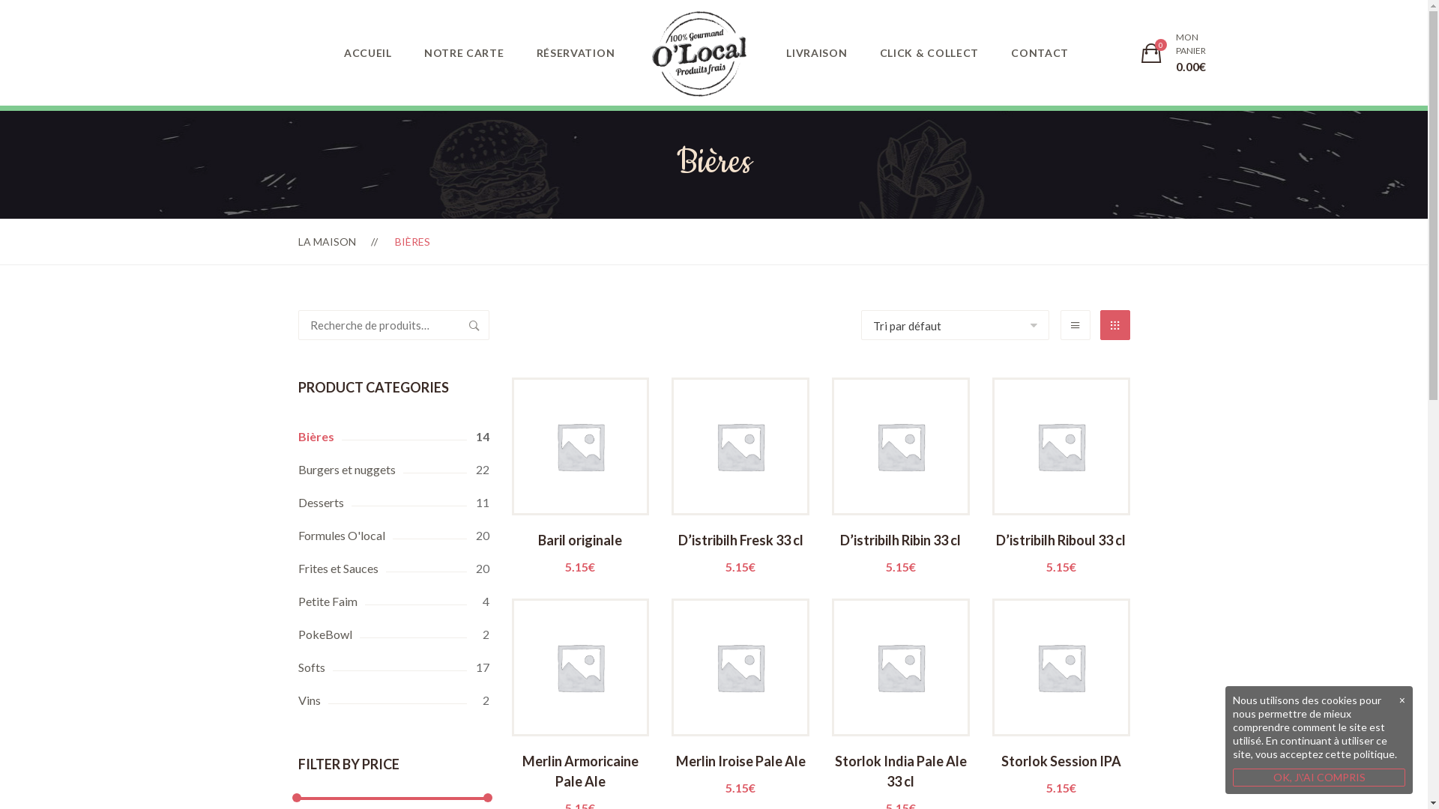  What do you see at coordinates (698, 53) in the screenshot?
I see `'O'local'` at bounding box center [698, 53].